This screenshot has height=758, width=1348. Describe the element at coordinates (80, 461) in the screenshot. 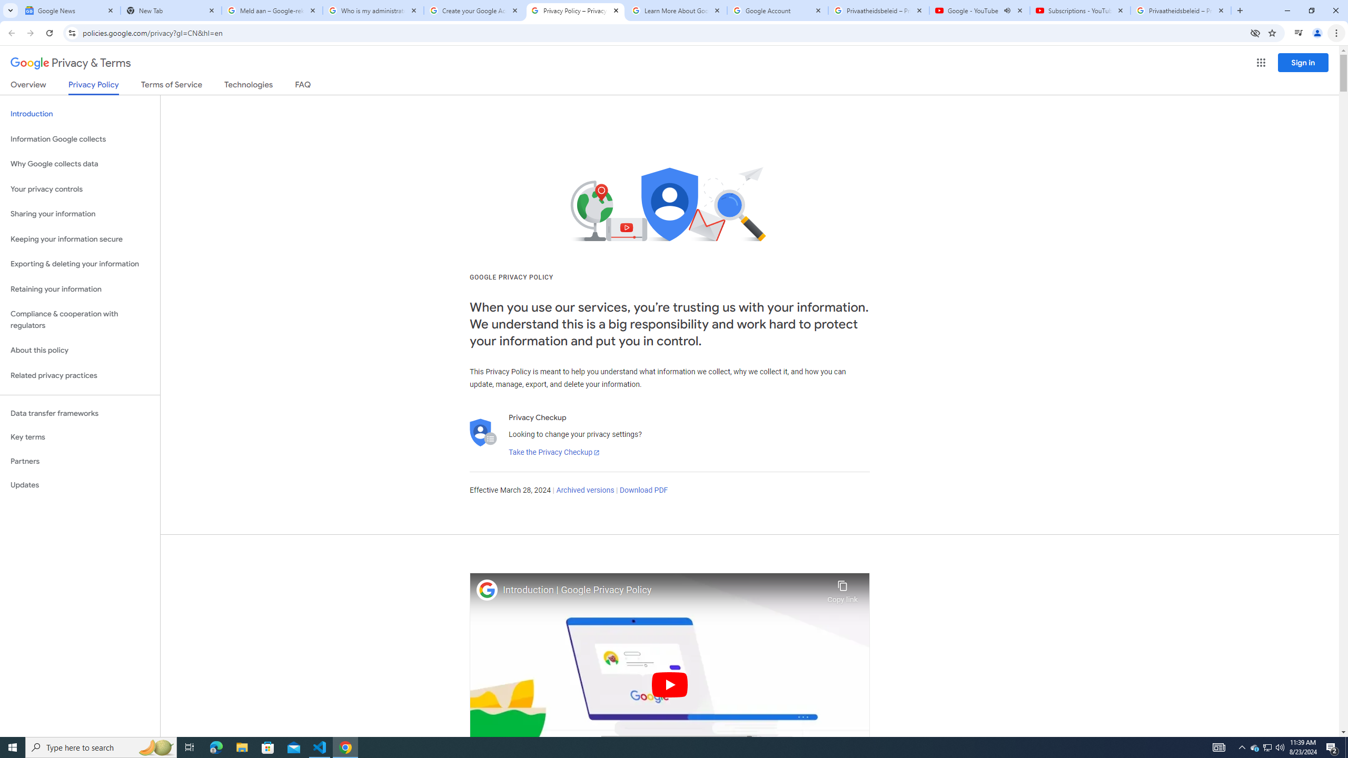

I see `'Partners'` at that location.